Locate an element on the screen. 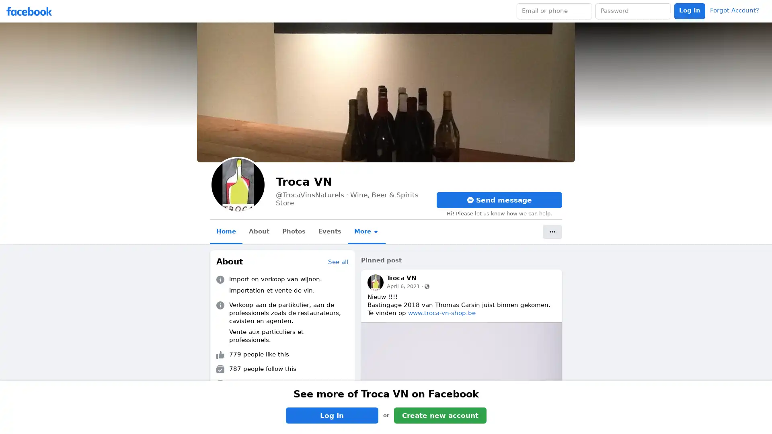 Image resolution: width=772 pixels, height=434 pixels. Send message is located at coordinates (499, 199).